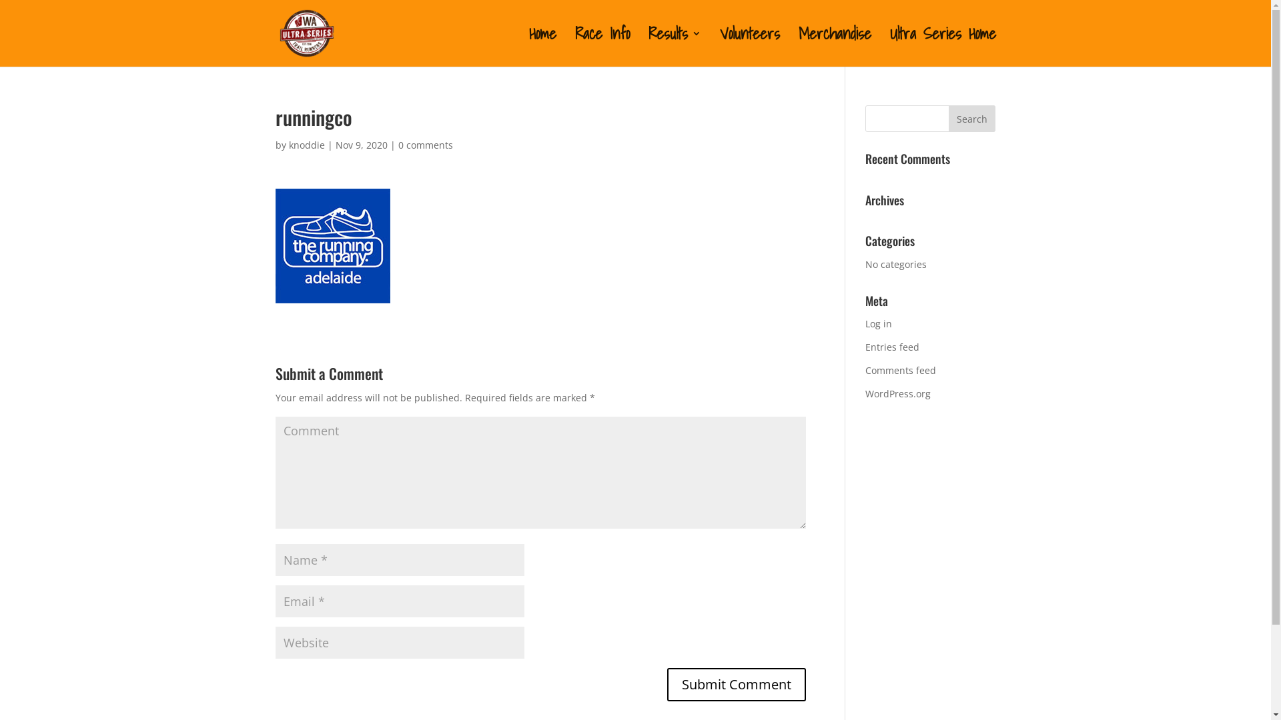 This screenshot has width=1281, height=720. I want to click on 'WordPress.org', so click(897, 393).